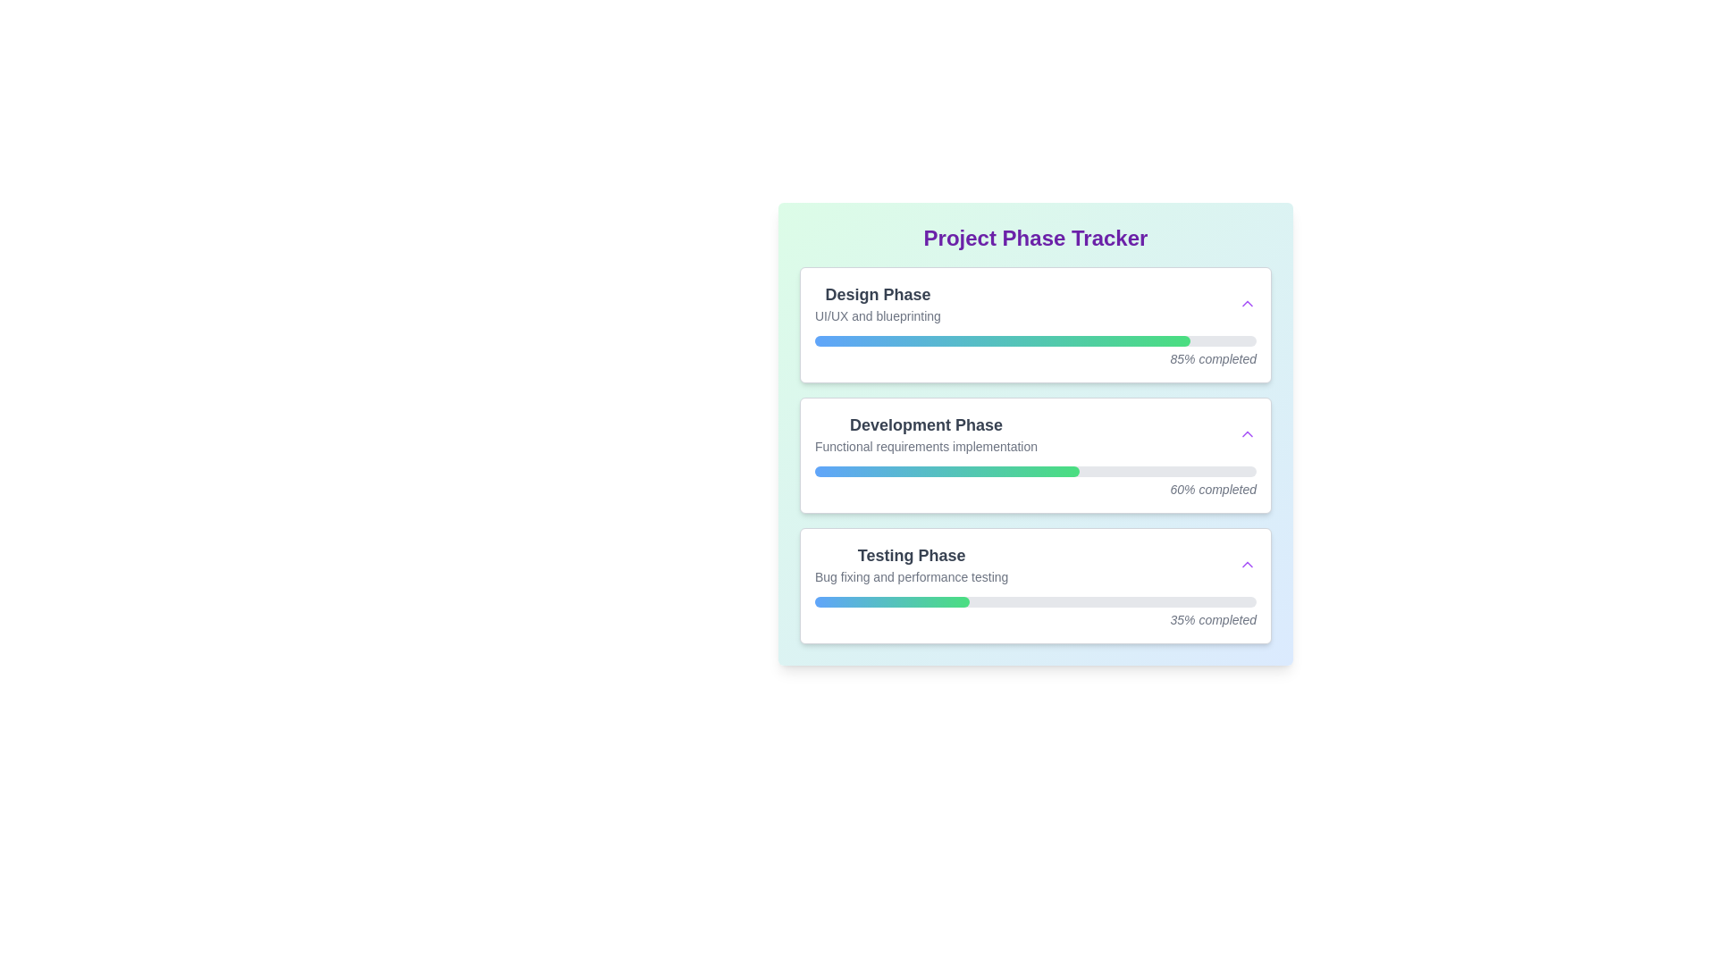 Image resolution: width=1716 pixels, height=965 pixels. Describe the element at coordinates (1035, 471) in the screenshot. I see `the Progress Bar element located in the 'Development Phase' card, which visually represents the progress with a gradient from blue to green, positioned below the section title and above the text '60% completed'` at that location.